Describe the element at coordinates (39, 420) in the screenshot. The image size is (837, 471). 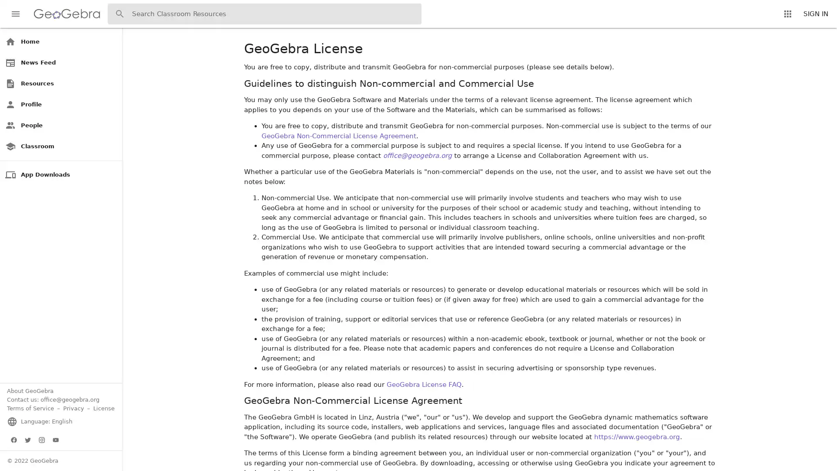
I see `Language: English` at that location.